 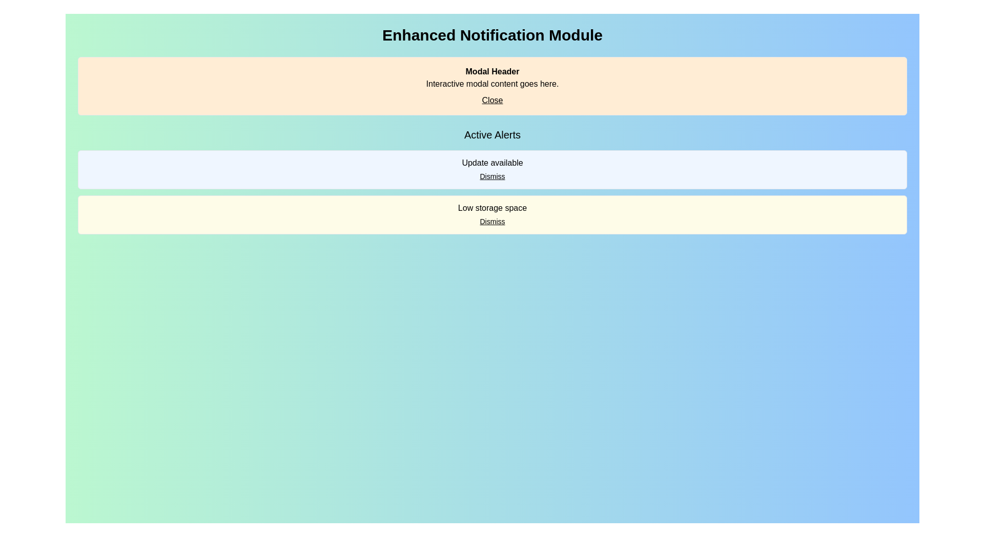 I want to click on the 'Dismiss' link in the Notification card with a light blue background and rounded corners, which contains the message 'Update available', so click(x=492, y=169).